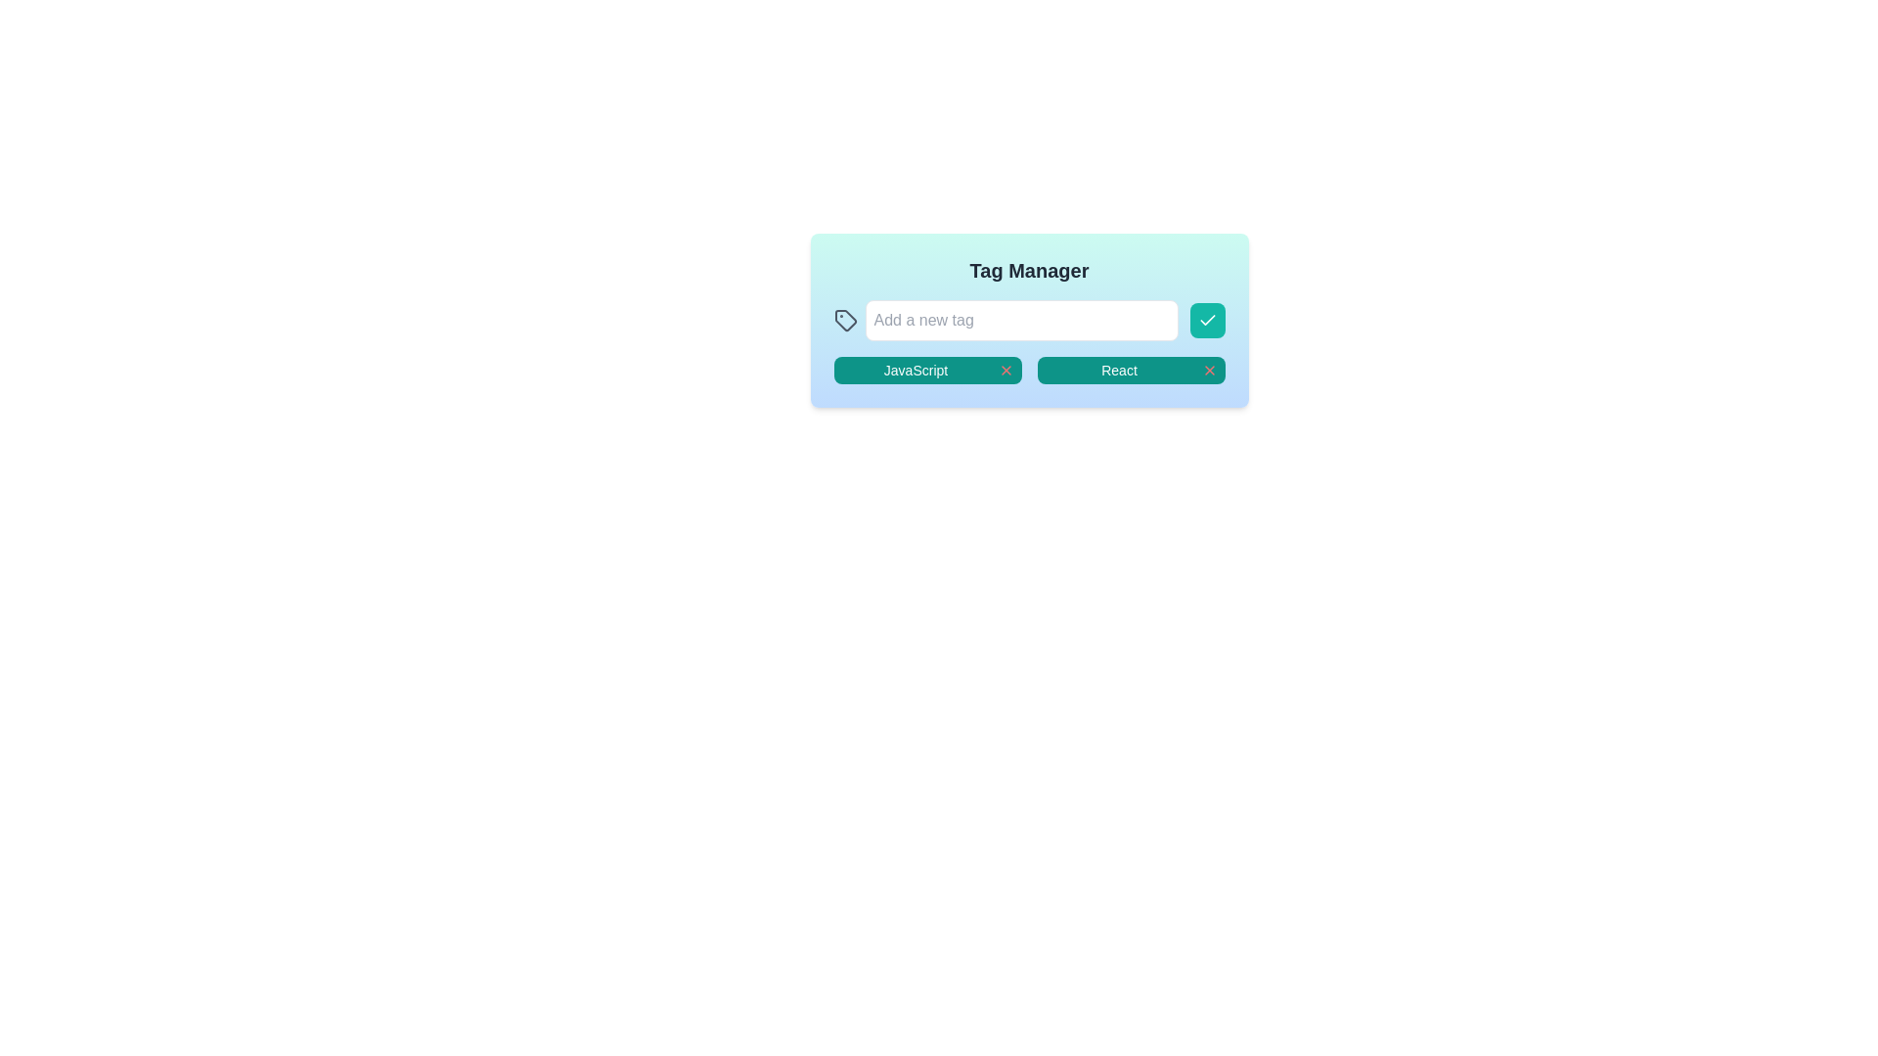 The width and height of the screenshot is (1878, 1056). What do you see at coordinates (915, 370) in the screenshot?
I see `text 'JavaScript' from the Label element displaying it in a small font on a deep teal green background in the Tag Manager interface` at bounding box center [915, 370].